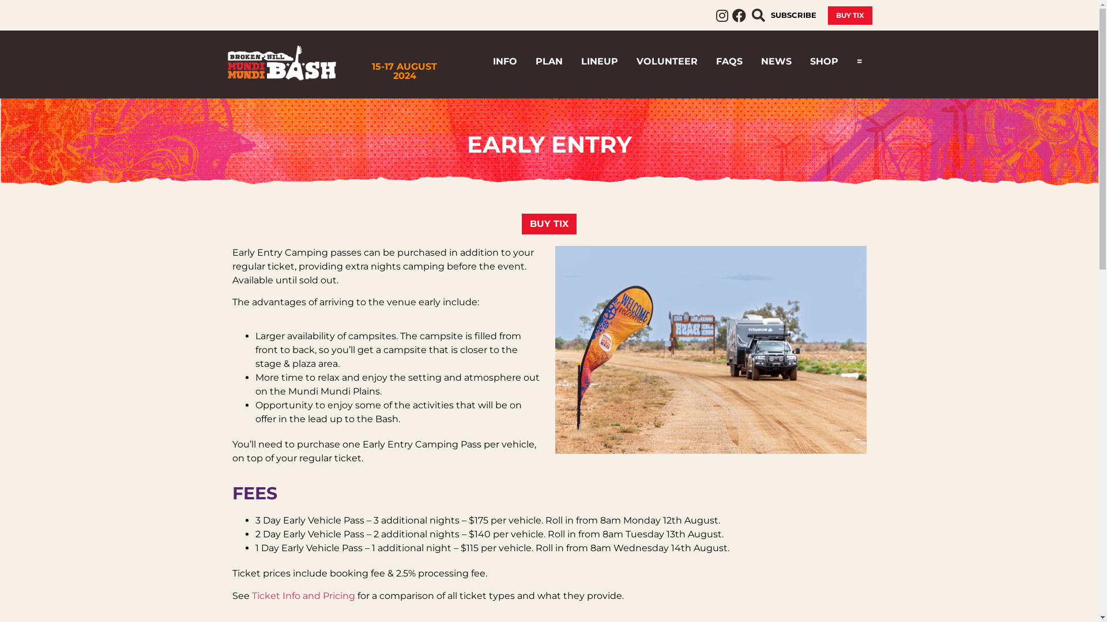 The image size is (1107, 622). What do you see at coordinates (548, 224) in the screenshot?
I see `'BUY TIX'` at bounding box center [548, 224].